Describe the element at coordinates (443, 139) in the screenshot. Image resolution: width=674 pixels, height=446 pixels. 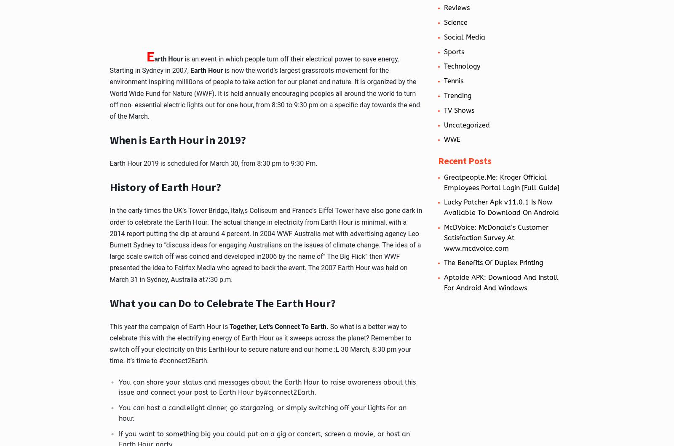
I see `'WWE'` at that location.